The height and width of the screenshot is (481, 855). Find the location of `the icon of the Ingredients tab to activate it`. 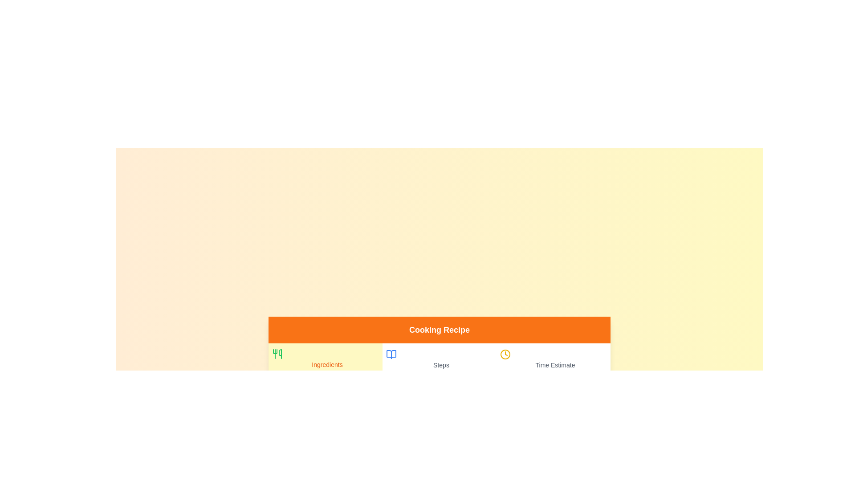

the icon of the Ingredients tab to activate it is located at coordinates (277, 353).